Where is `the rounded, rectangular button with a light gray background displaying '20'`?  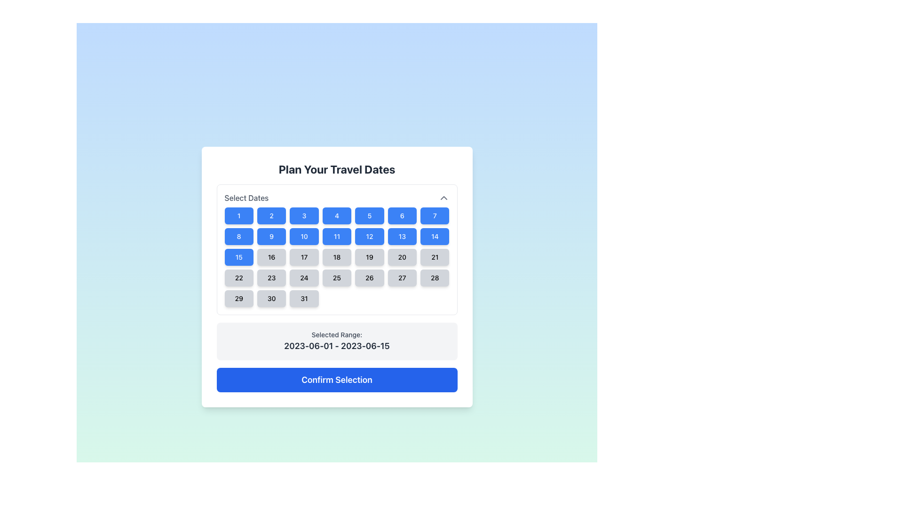
the rounded, rectangular button with a light gray background displaying '20' is located at coordinates (402, 257).